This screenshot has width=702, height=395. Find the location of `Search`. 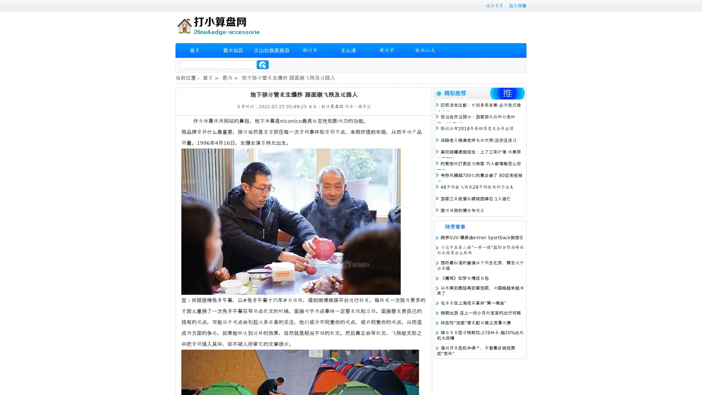

Search is located at coordinates (263, 64).